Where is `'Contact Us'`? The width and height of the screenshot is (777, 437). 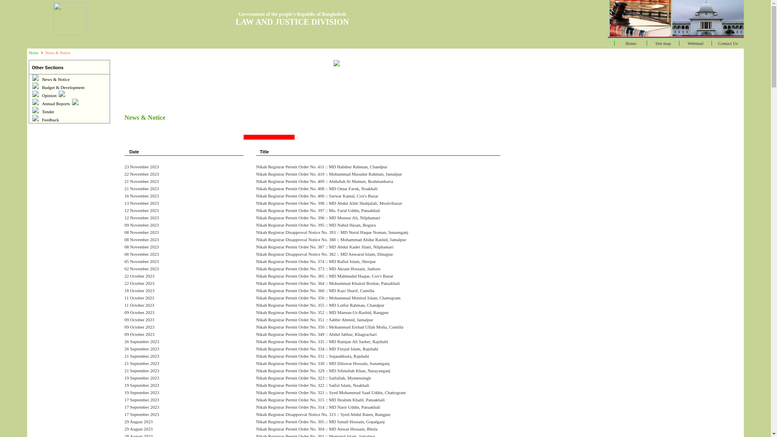
'Contact Us' is located at coordinates (728, 43).